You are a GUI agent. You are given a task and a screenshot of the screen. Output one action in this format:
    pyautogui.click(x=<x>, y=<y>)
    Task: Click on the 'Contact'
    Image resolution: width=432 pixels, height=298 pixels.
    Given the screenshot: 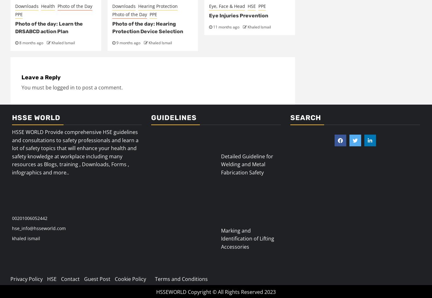 What is the action you would take?
    pyautogui.click(x=61, y=279)
    